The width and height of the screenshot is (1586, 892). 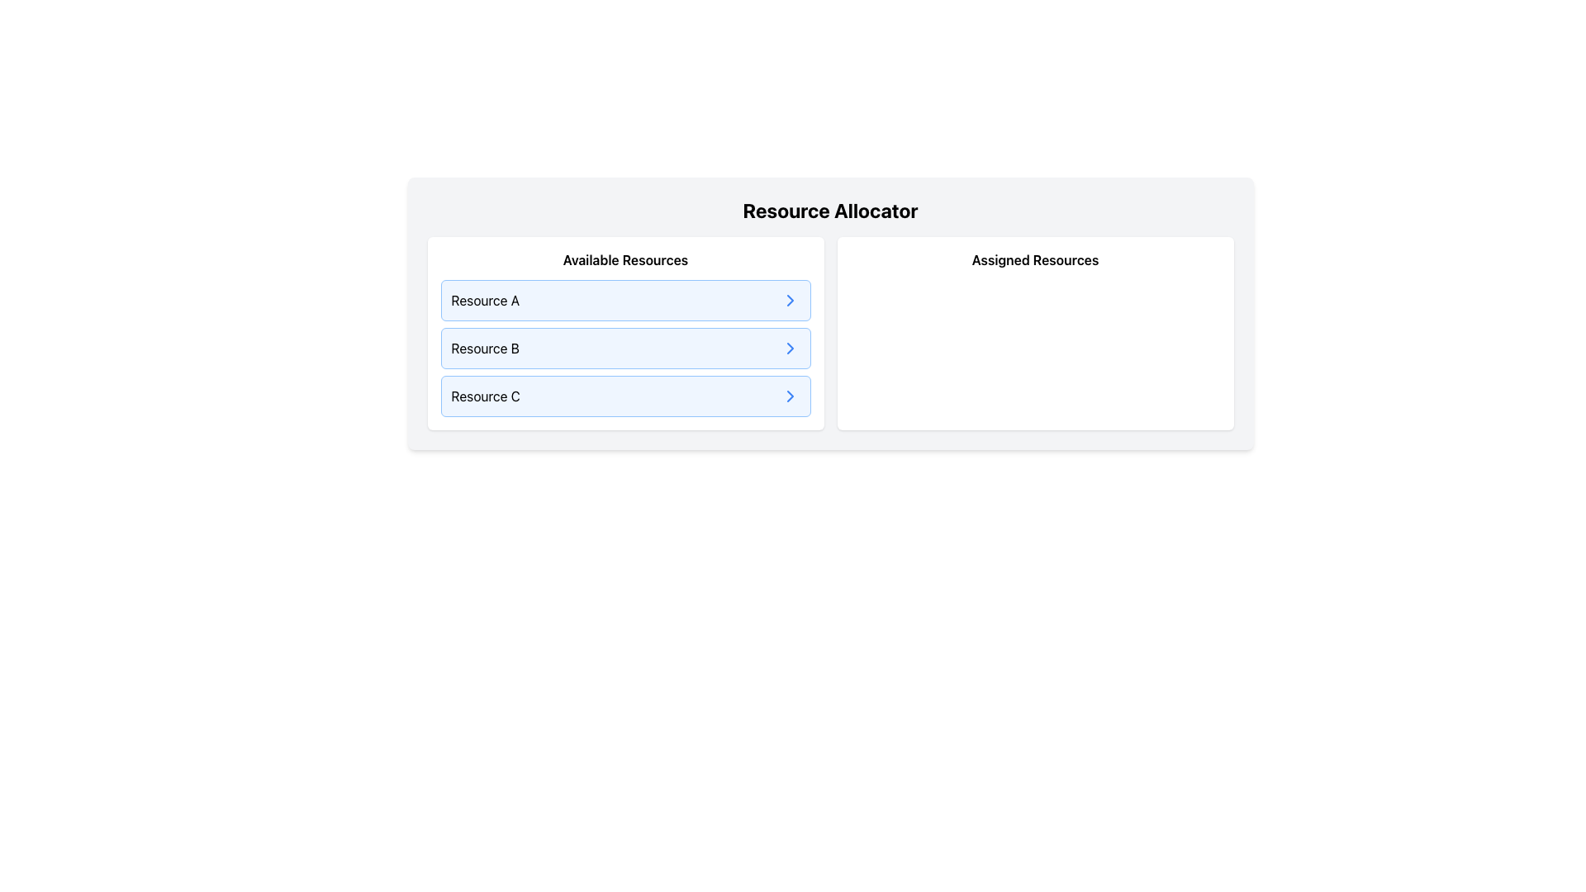 What do you see at coordinates (789, 300) in the screenshot?
I see `the Icon button located on the right-hand side of the 'Resource A' row, which serves as a navigation trigger for further actions related to 'Resource A'` at bounding box center [789, 300].